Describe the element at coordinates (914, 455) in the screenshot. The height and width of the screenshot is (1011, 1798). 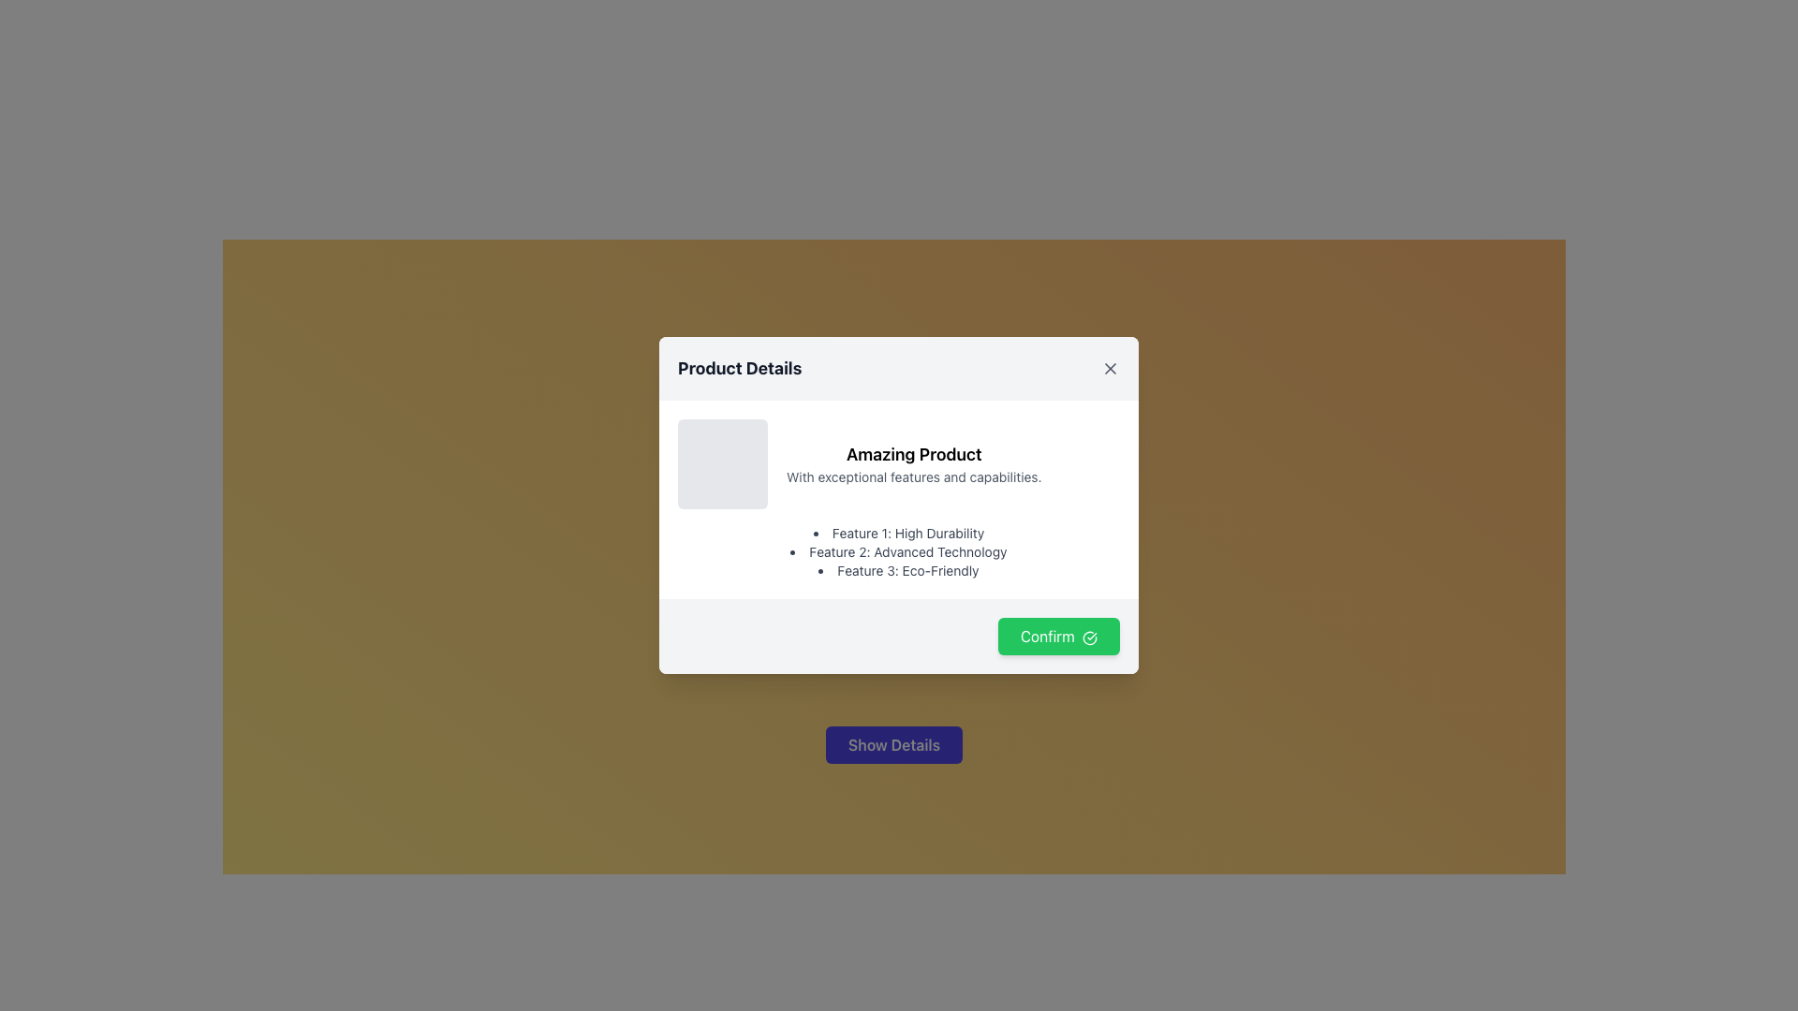
I see `the title text block in the 'Product Details' modal dialog, which serves as the header for the showcased product` at that location.